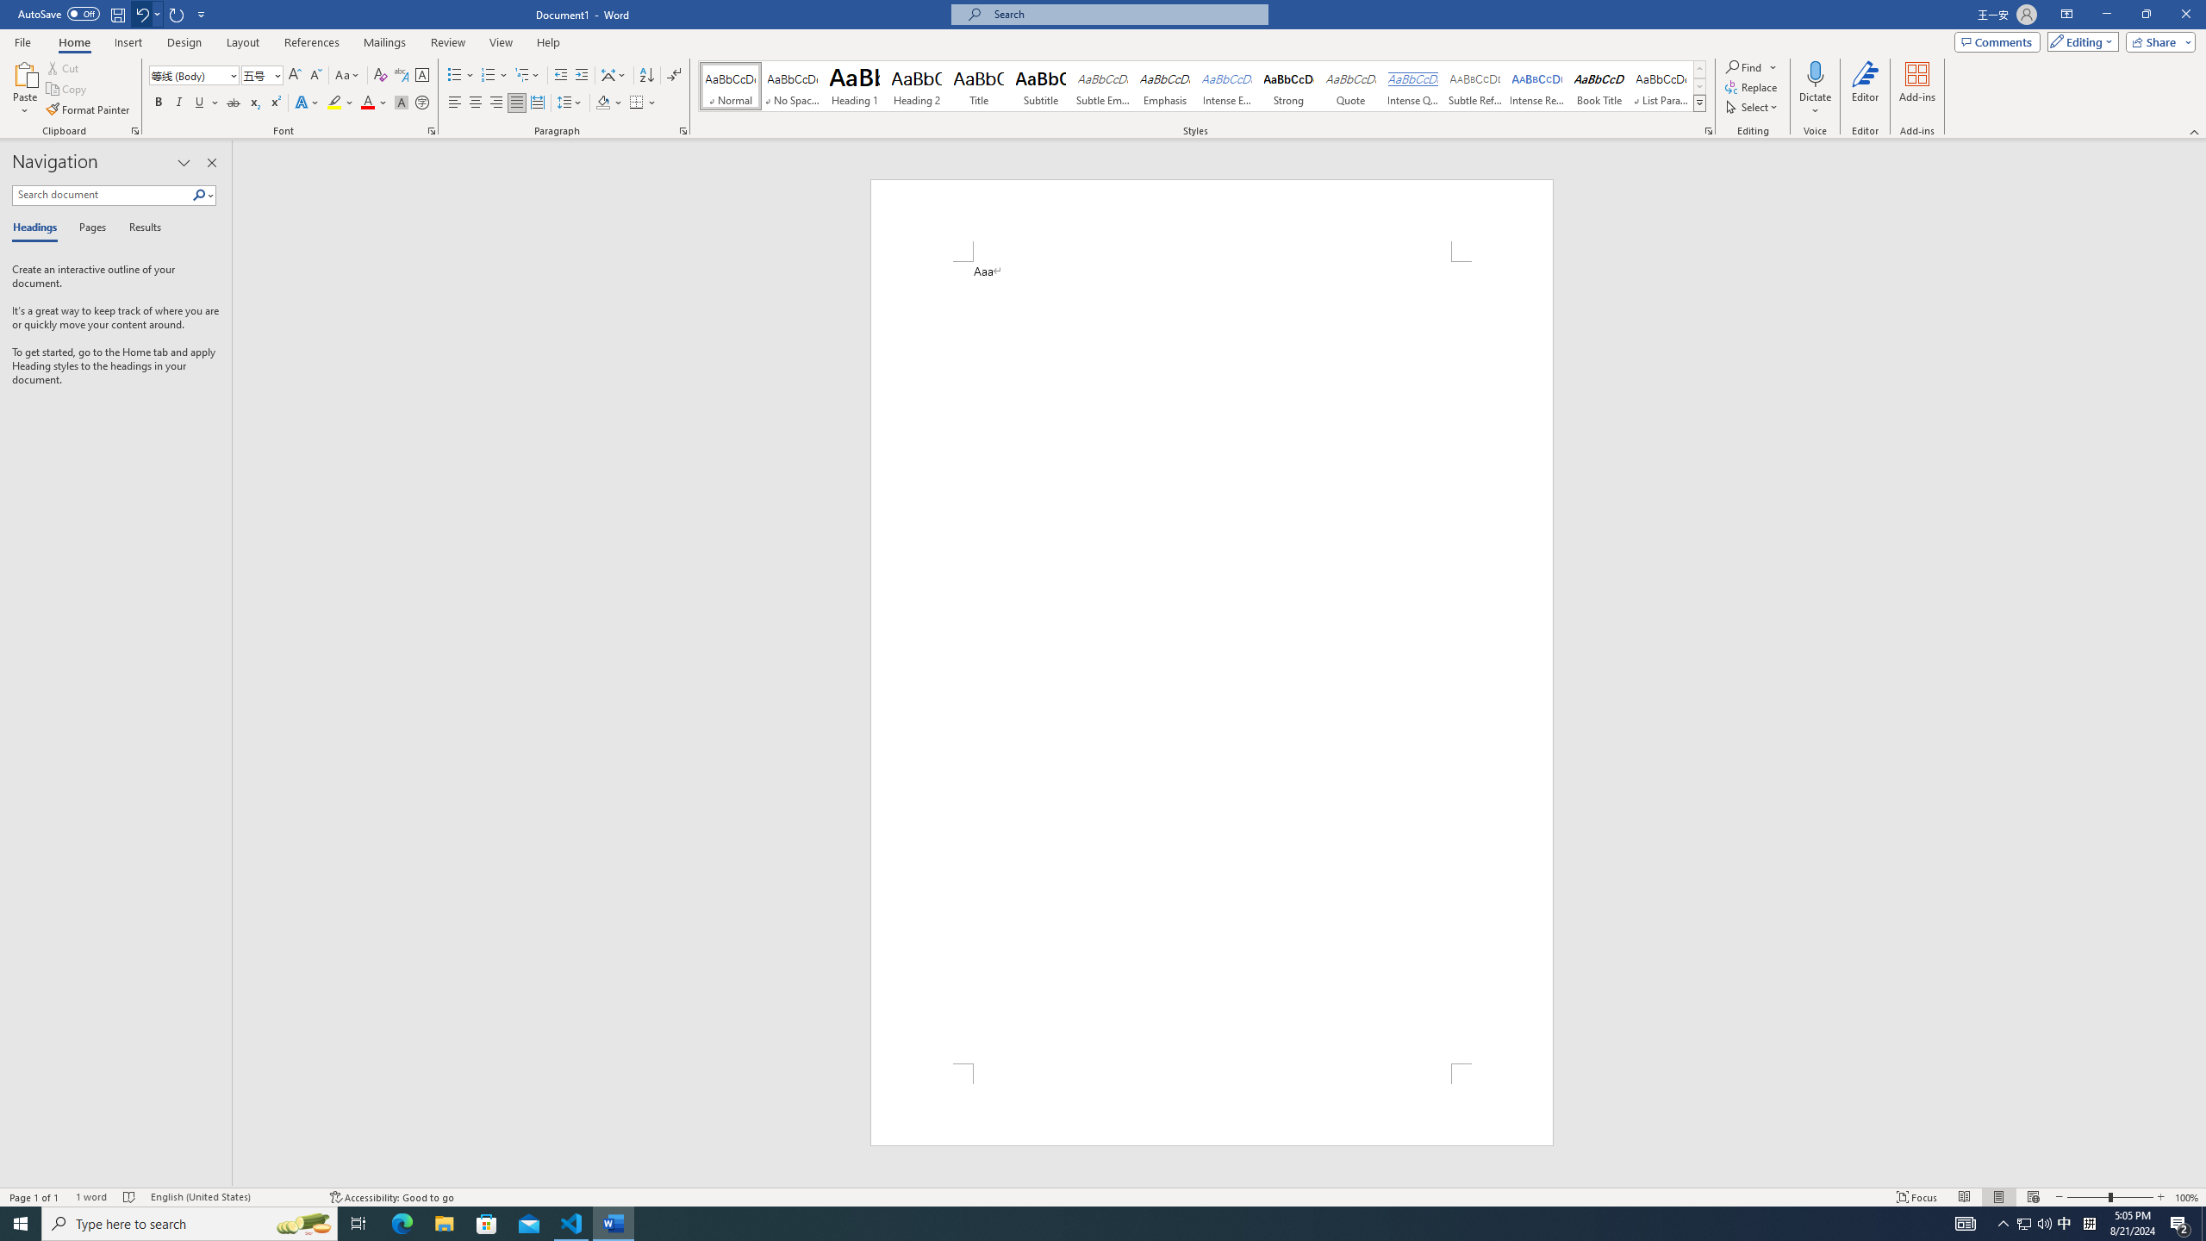 Image resolution: width=2206 pixels, height=1241 pixels. Describe the element at coordinates (1212, 661) in the screenshot. I see `'Page 1 content'` at that location.